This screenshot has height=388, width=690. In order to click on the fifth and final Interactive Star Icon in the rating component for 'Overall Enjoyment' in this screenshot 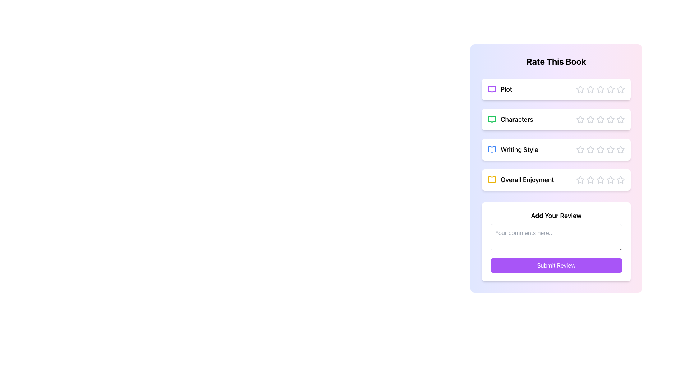, I will do `click(620, 179)`.